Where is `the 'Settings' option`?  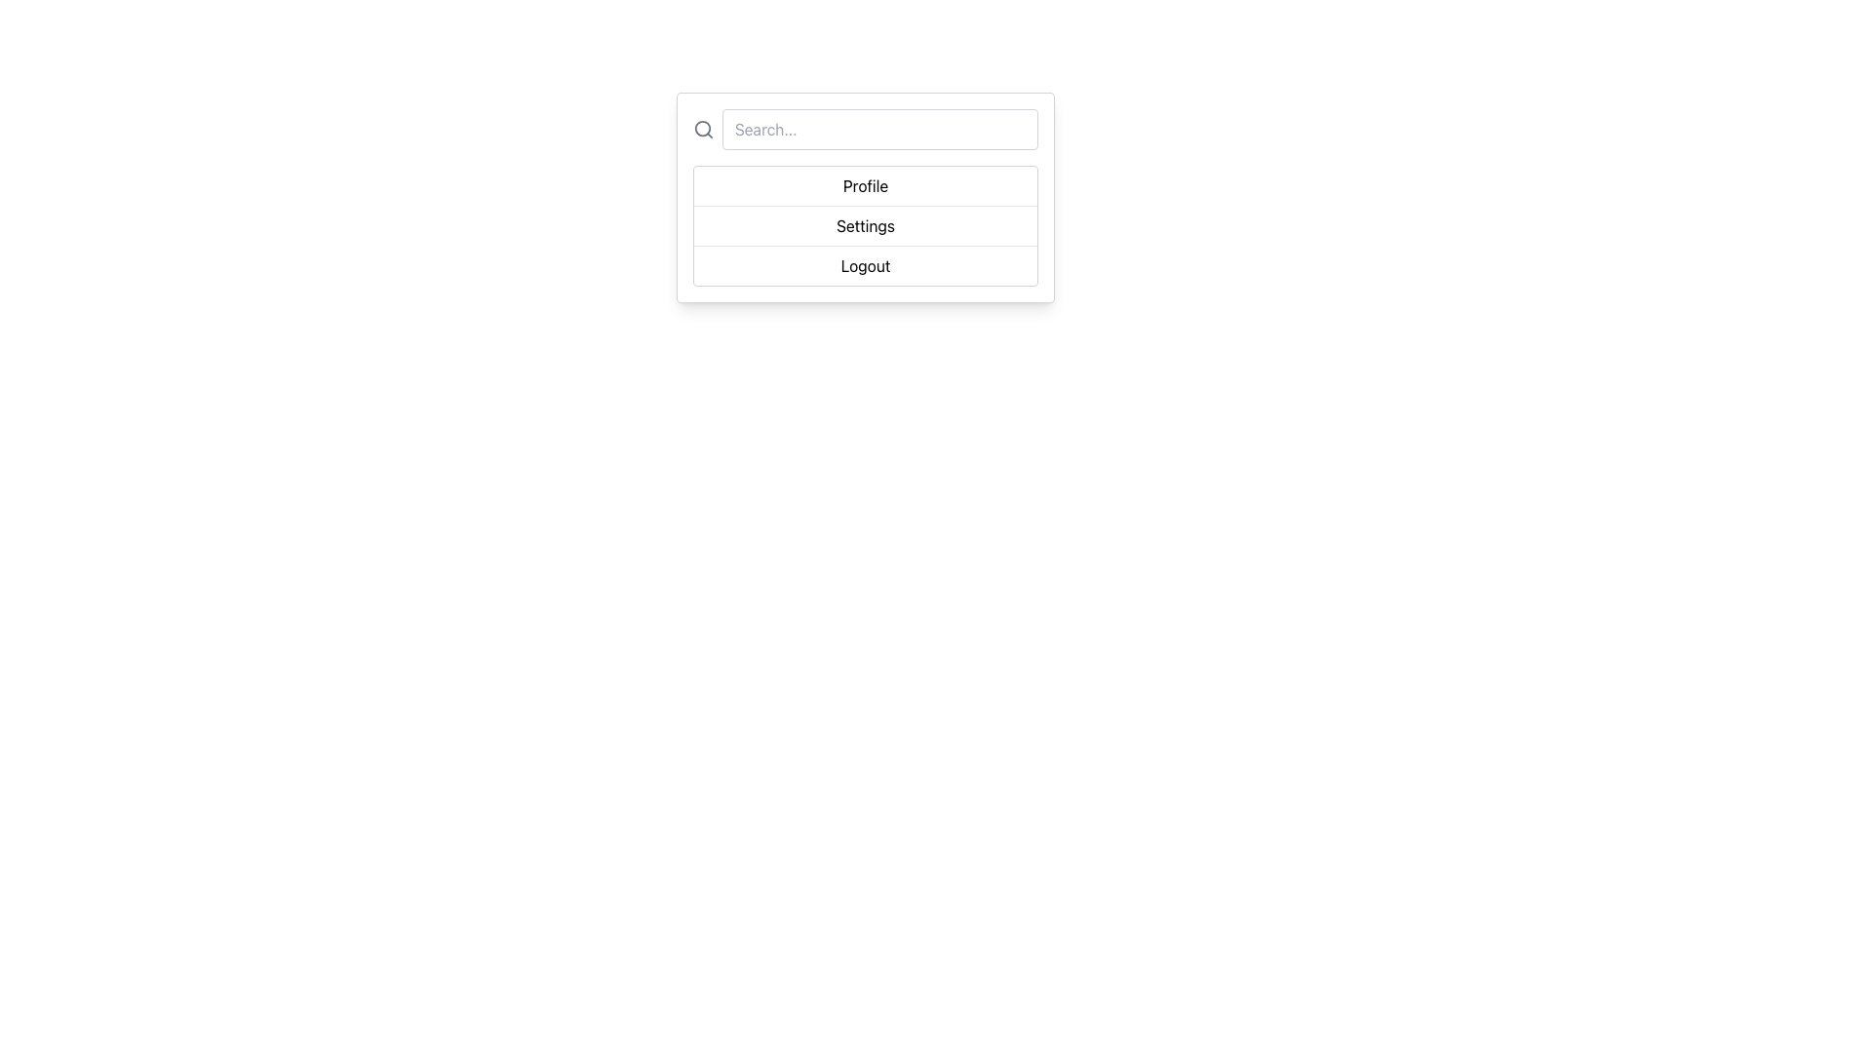 the 'Settings' option is located at coordinates (865, 224).